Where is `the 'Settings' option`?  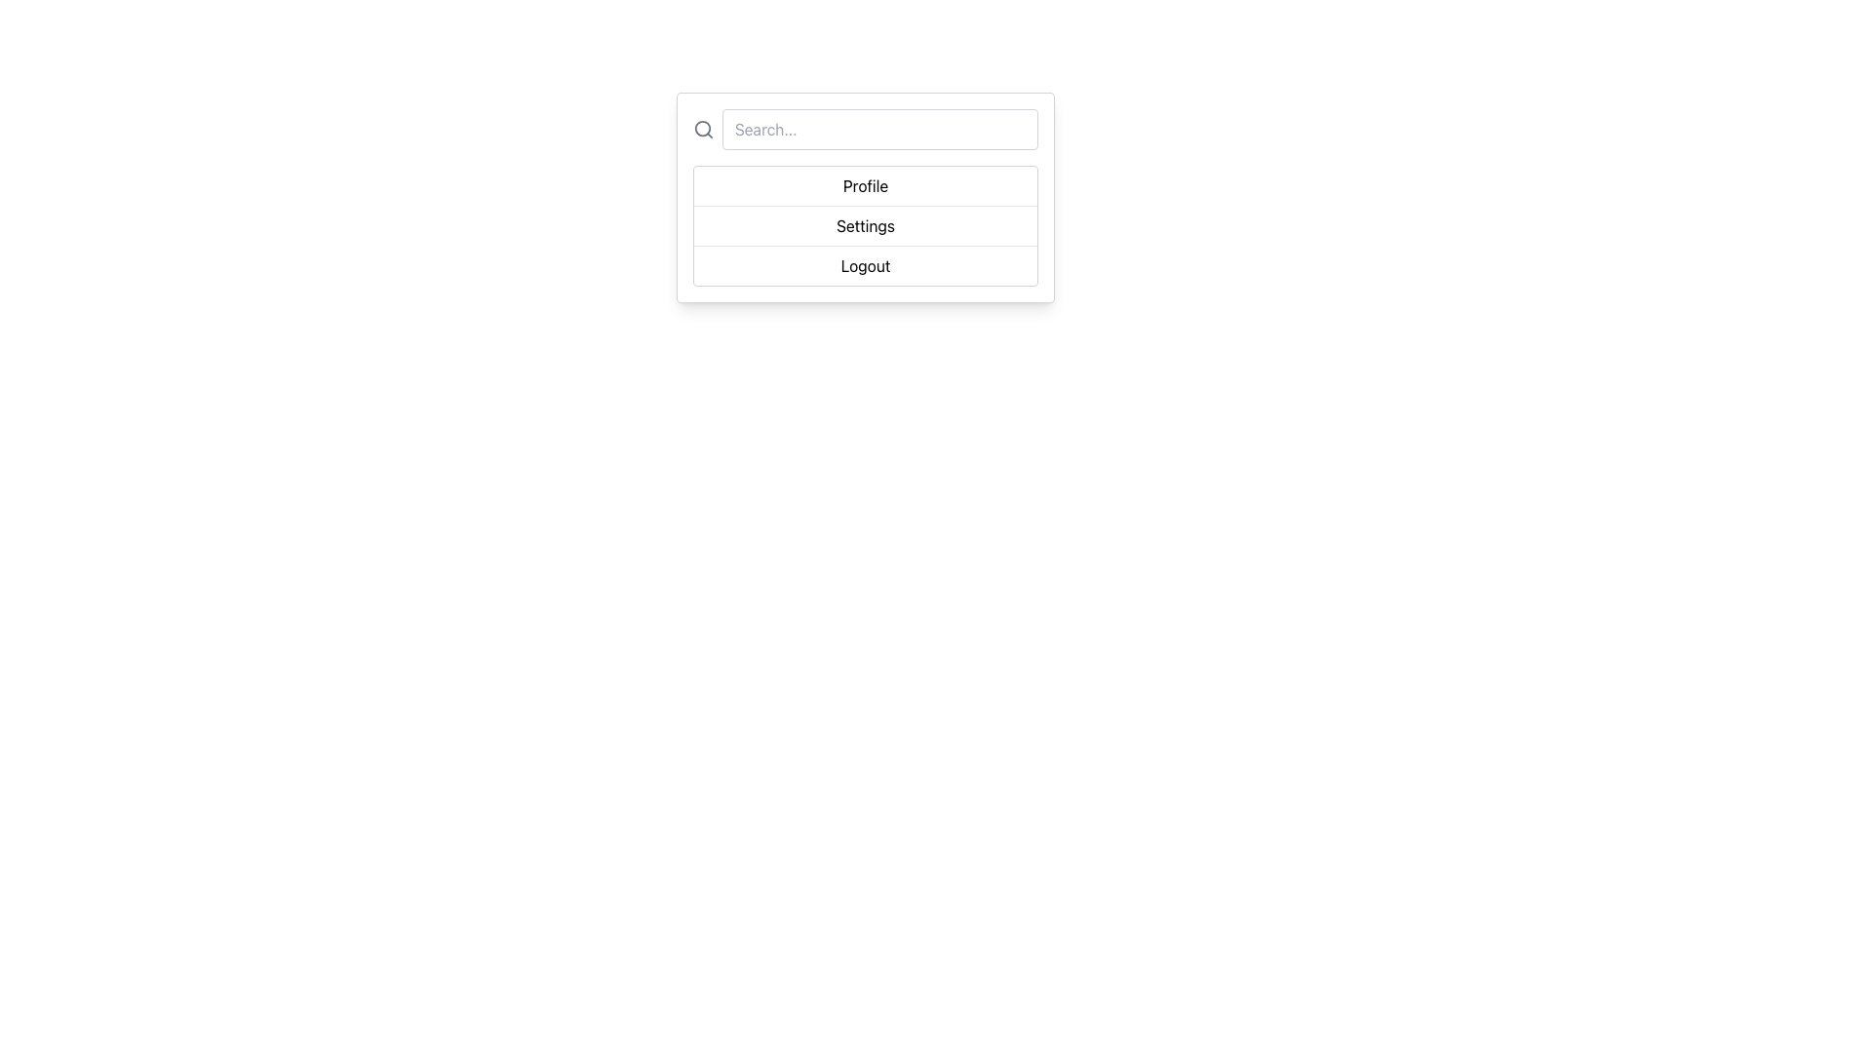 the 'Settings' option is located at coordinates (865, 224).